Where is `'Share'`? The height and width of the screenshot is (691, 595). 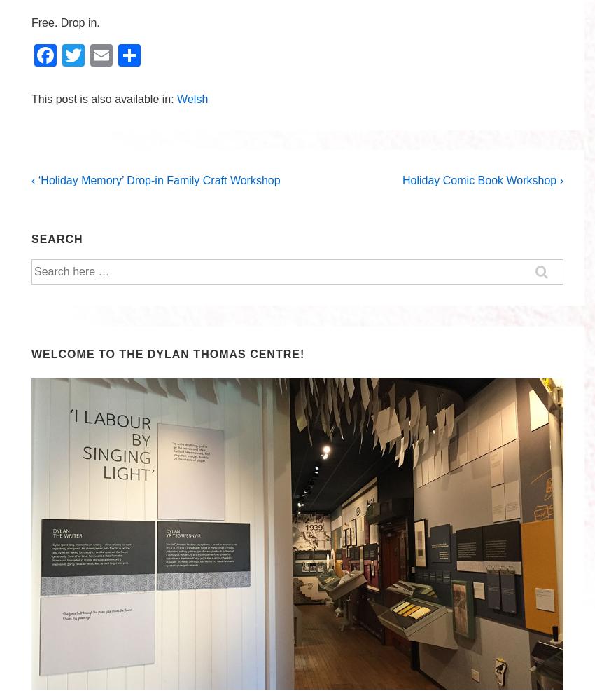 'Share' is located at coordinates (150, 88).